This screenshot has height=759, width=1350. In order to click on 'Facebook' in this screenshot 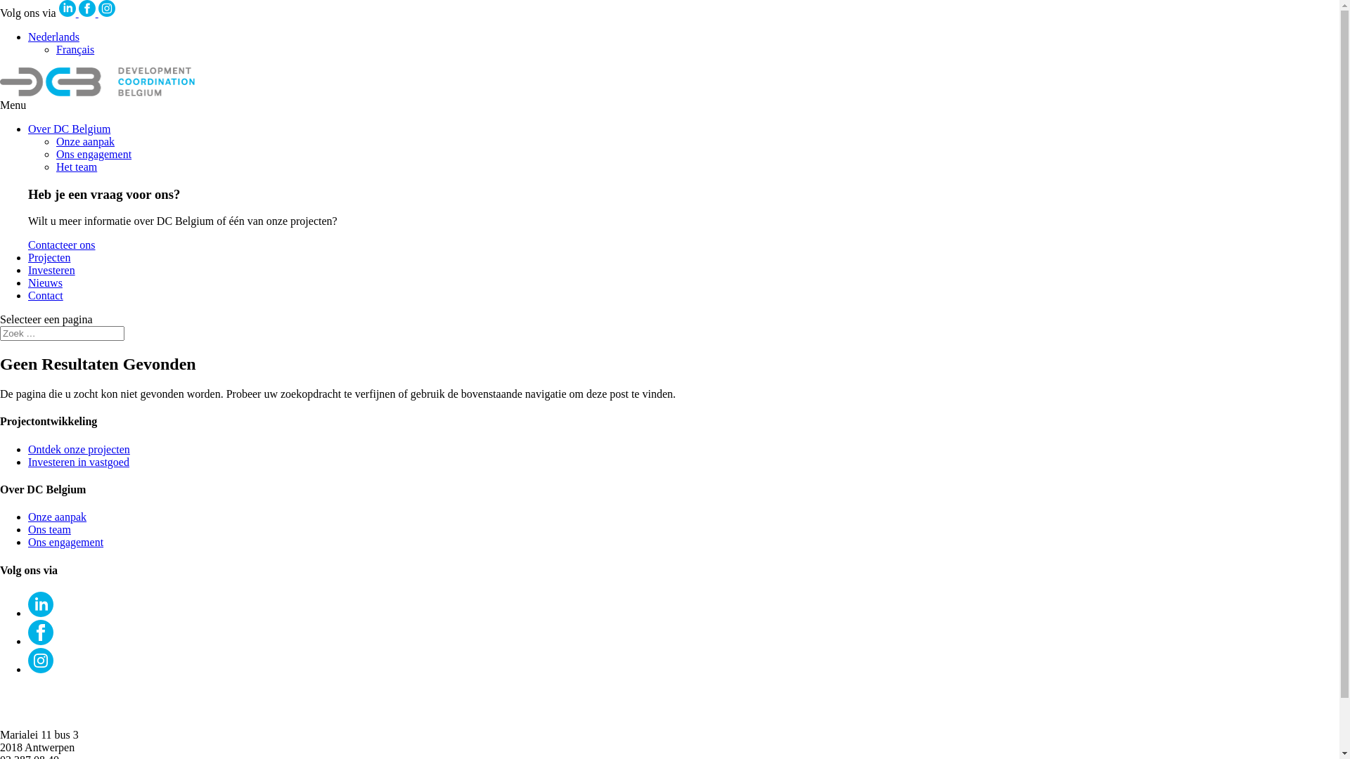, I will do `click(40, 641)`.